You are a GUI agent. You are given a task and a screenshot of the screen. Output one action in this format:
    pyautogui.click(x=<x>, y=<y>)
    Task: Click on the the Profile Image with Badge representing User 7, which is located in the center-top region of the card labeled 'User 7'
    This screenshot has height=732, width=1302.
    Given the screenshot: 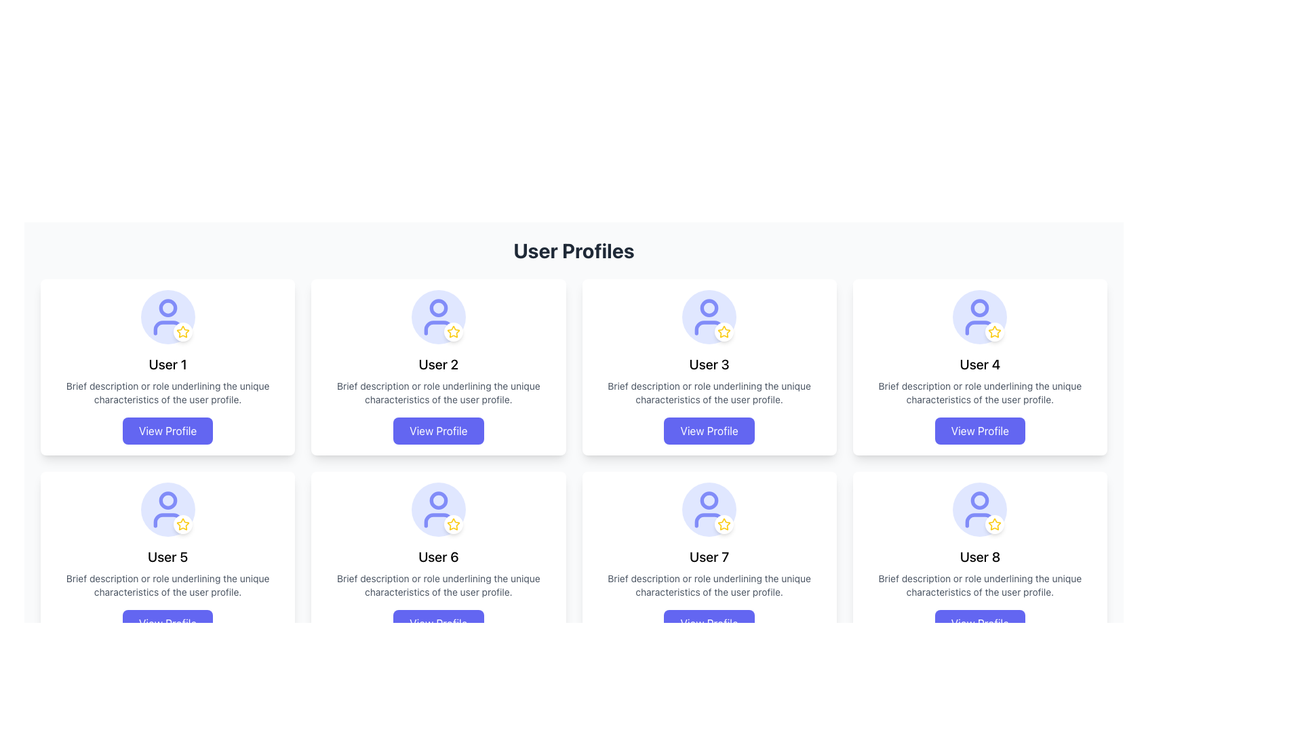 What is the action you would take?
    pyautogui.click(x=709, y=510)
    